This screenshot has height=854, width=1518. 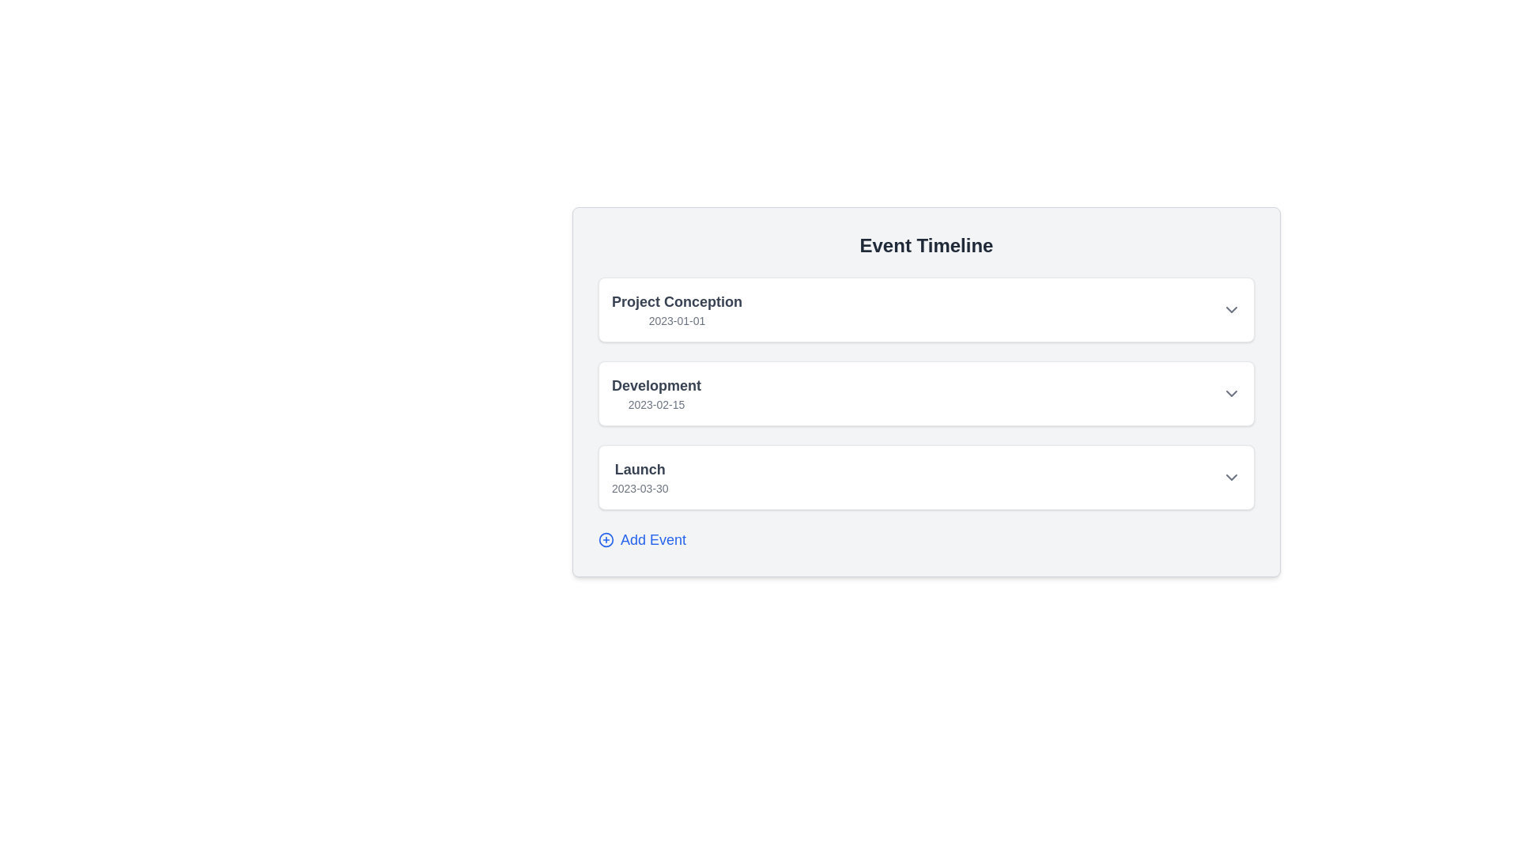 What do you see at coordinates (677, 320) in the screenshot?
I see `the text label displaying '2023-01-01' located below the 'Project Conception' header in the 'Event Timeline' section to check for interactive actions` at bounding box center [677, 320].